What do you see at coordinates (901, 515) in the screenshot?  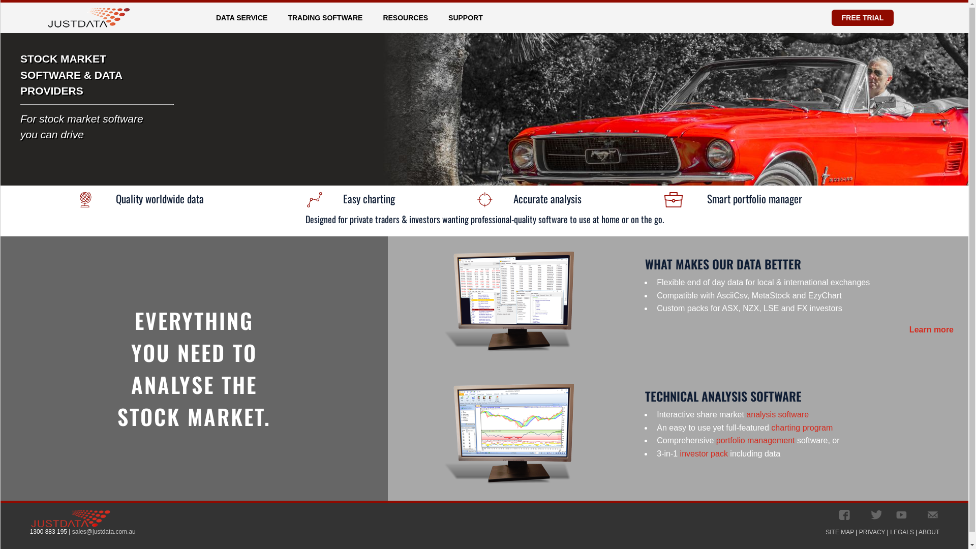 I see `'JustData's YouTube Channel'` at bounding box center [901, 515].